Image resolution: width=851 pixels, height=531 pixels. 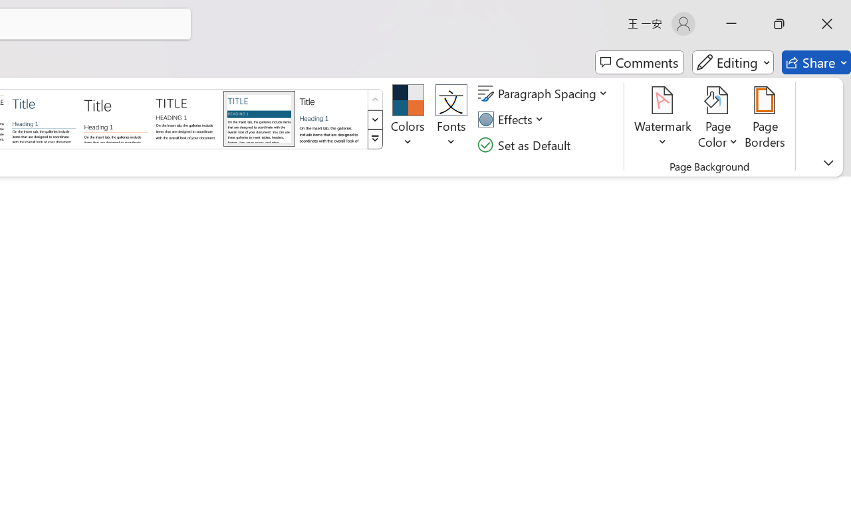 What do you see at coordinates (407, 119) in the screenshot?
I see `'Colors'` at bounding box center [407, 119].